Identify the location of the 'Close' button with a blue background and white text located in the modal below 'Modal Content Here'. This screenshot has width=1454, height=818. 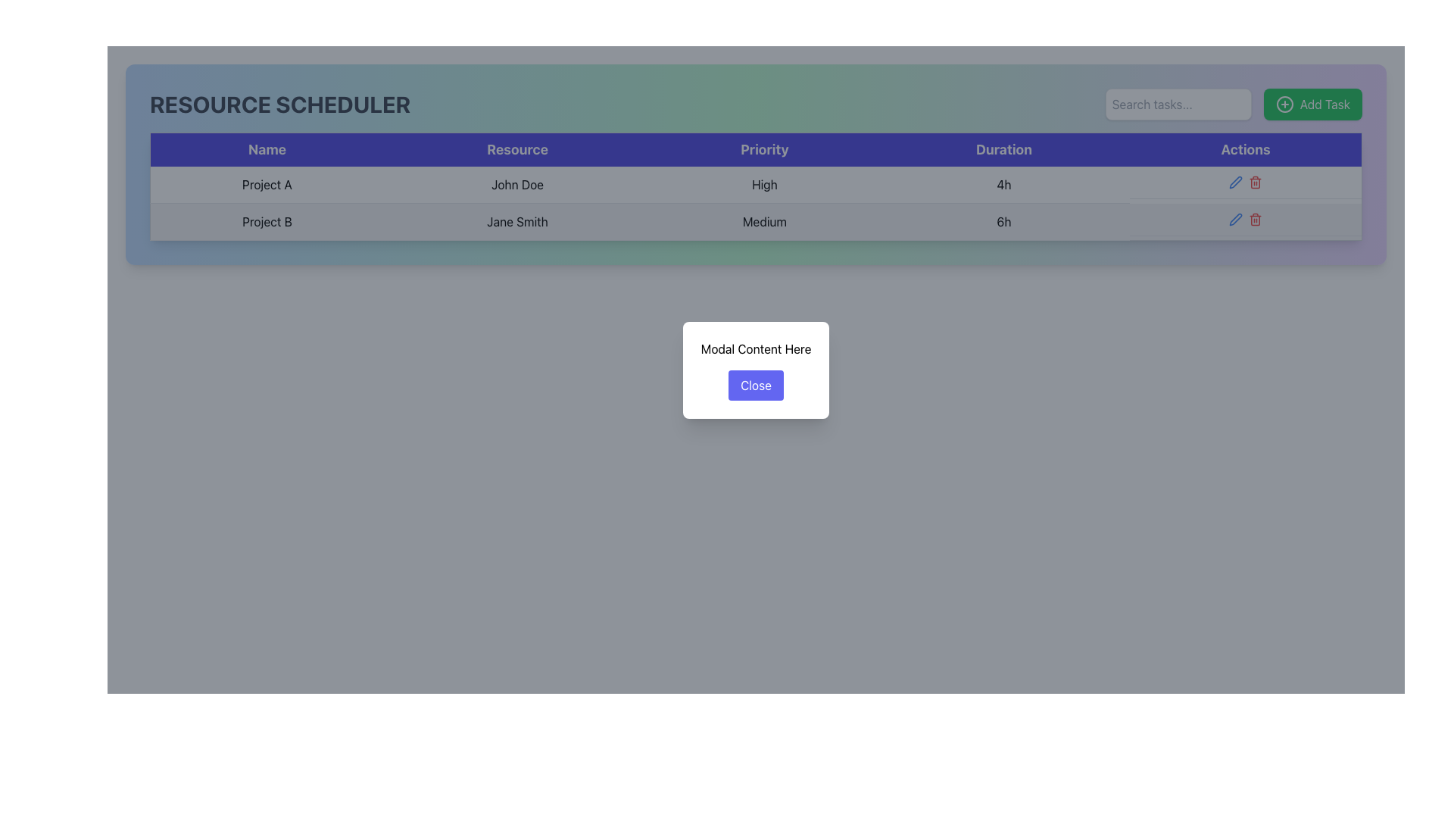
(756, 384).